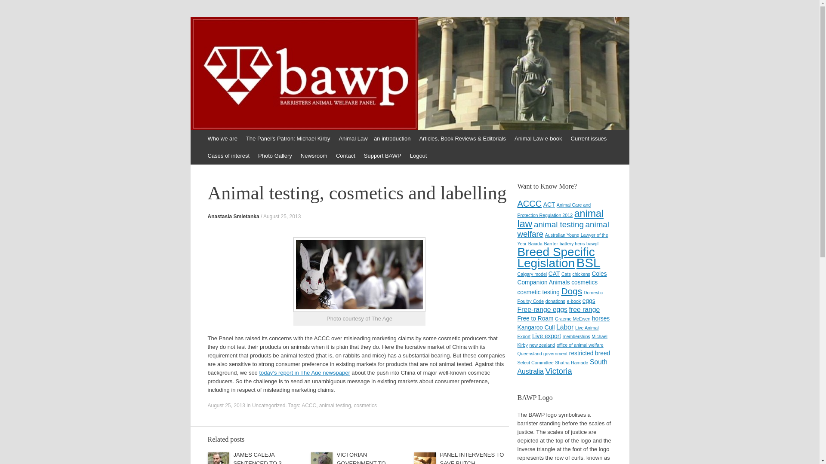 This screenshot has width=826, height=464. What do you see at coordinates (562, 239) in the screenshot?
I see `'Australian Young Lawyer of the Year'` at bounding box center [562, 239].